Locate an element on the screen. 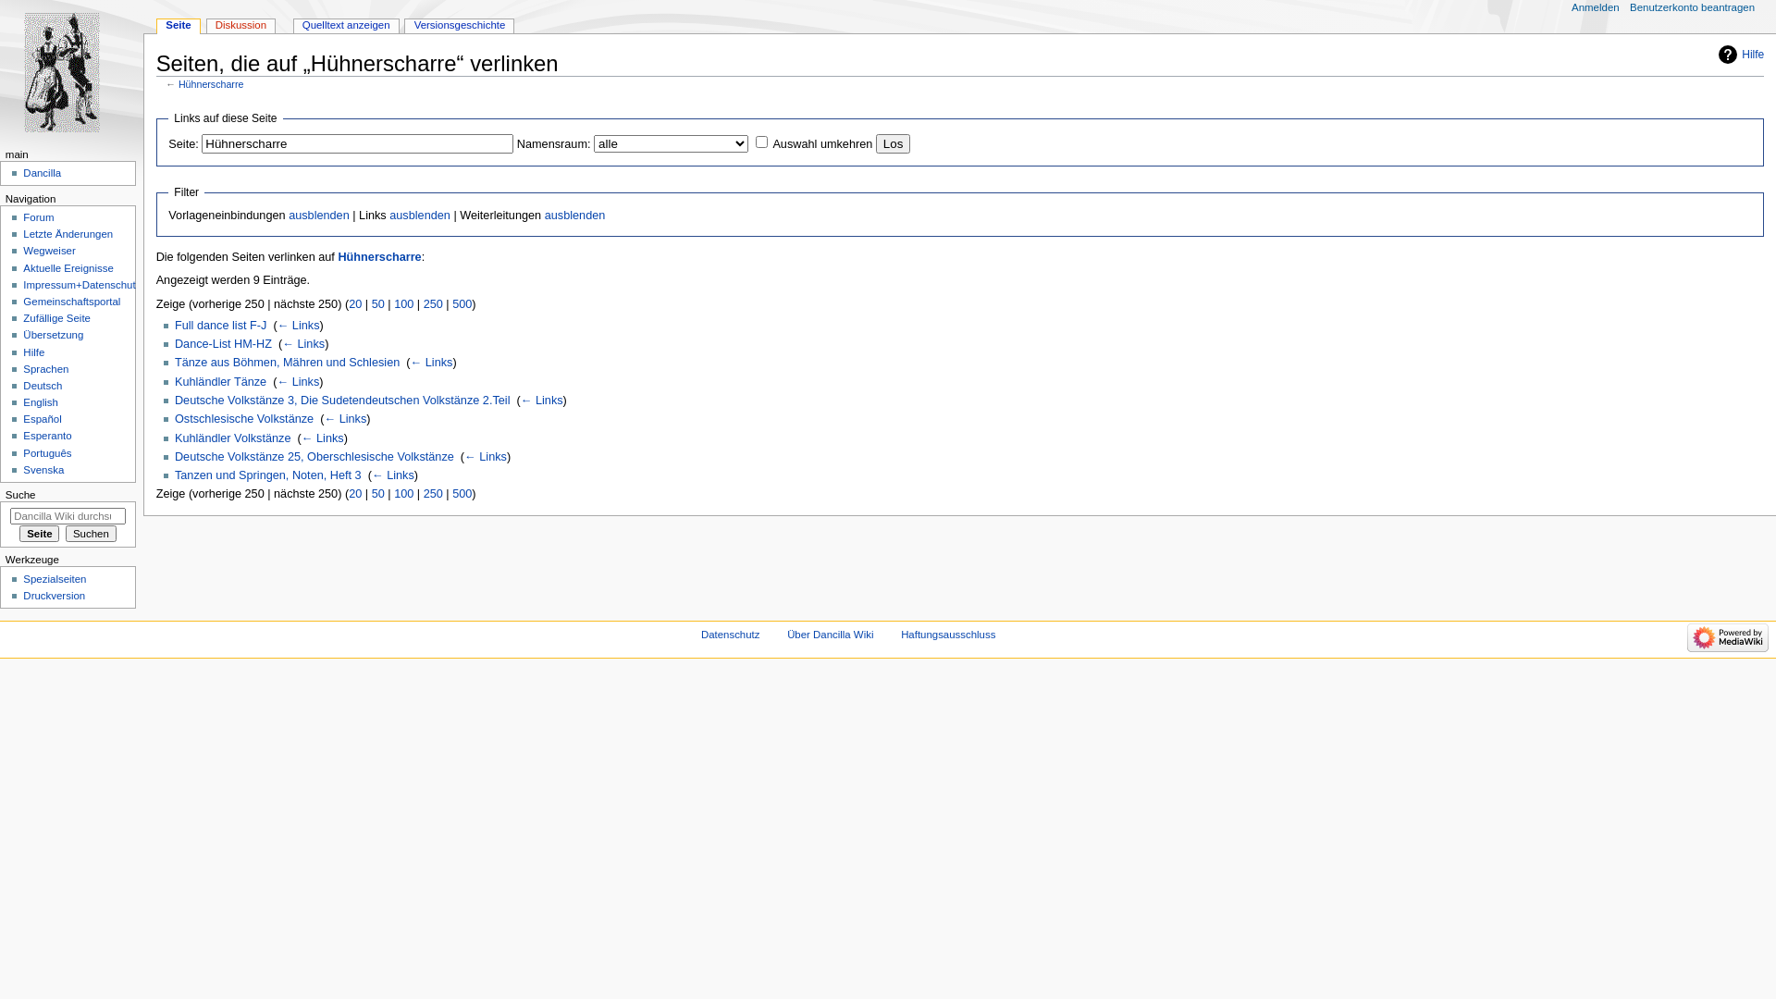  'Forum' is located at coordinates (22, 216).